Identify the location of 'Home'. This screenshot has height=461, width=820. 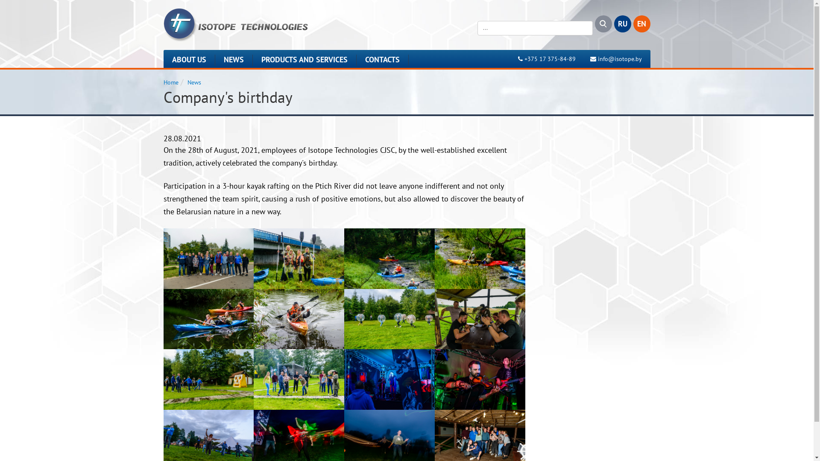
(170, 82).